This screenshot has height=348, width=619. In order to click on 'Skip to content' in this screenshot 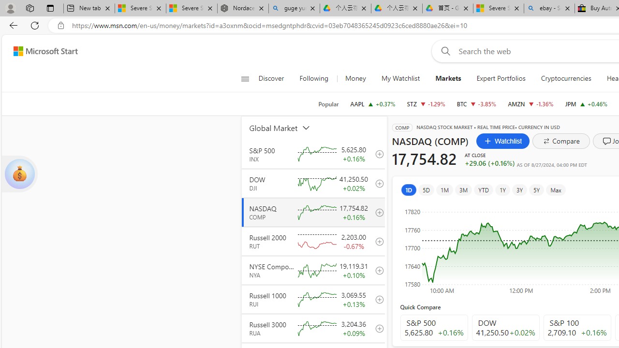, I will do `click(42, 51)`.